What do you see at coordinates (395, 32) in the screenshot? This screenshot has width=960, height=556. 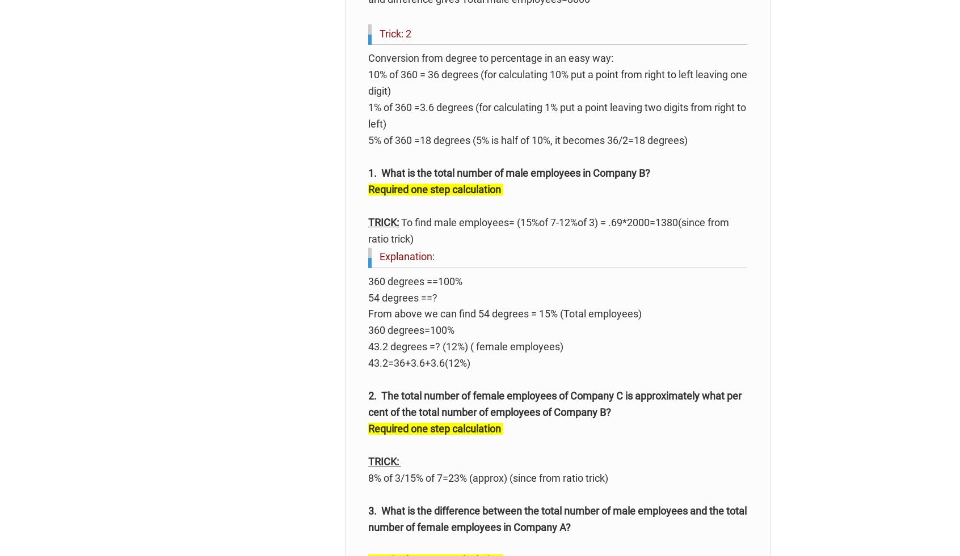 I see `'Trick: 2'` at bounding box center [395, 32].